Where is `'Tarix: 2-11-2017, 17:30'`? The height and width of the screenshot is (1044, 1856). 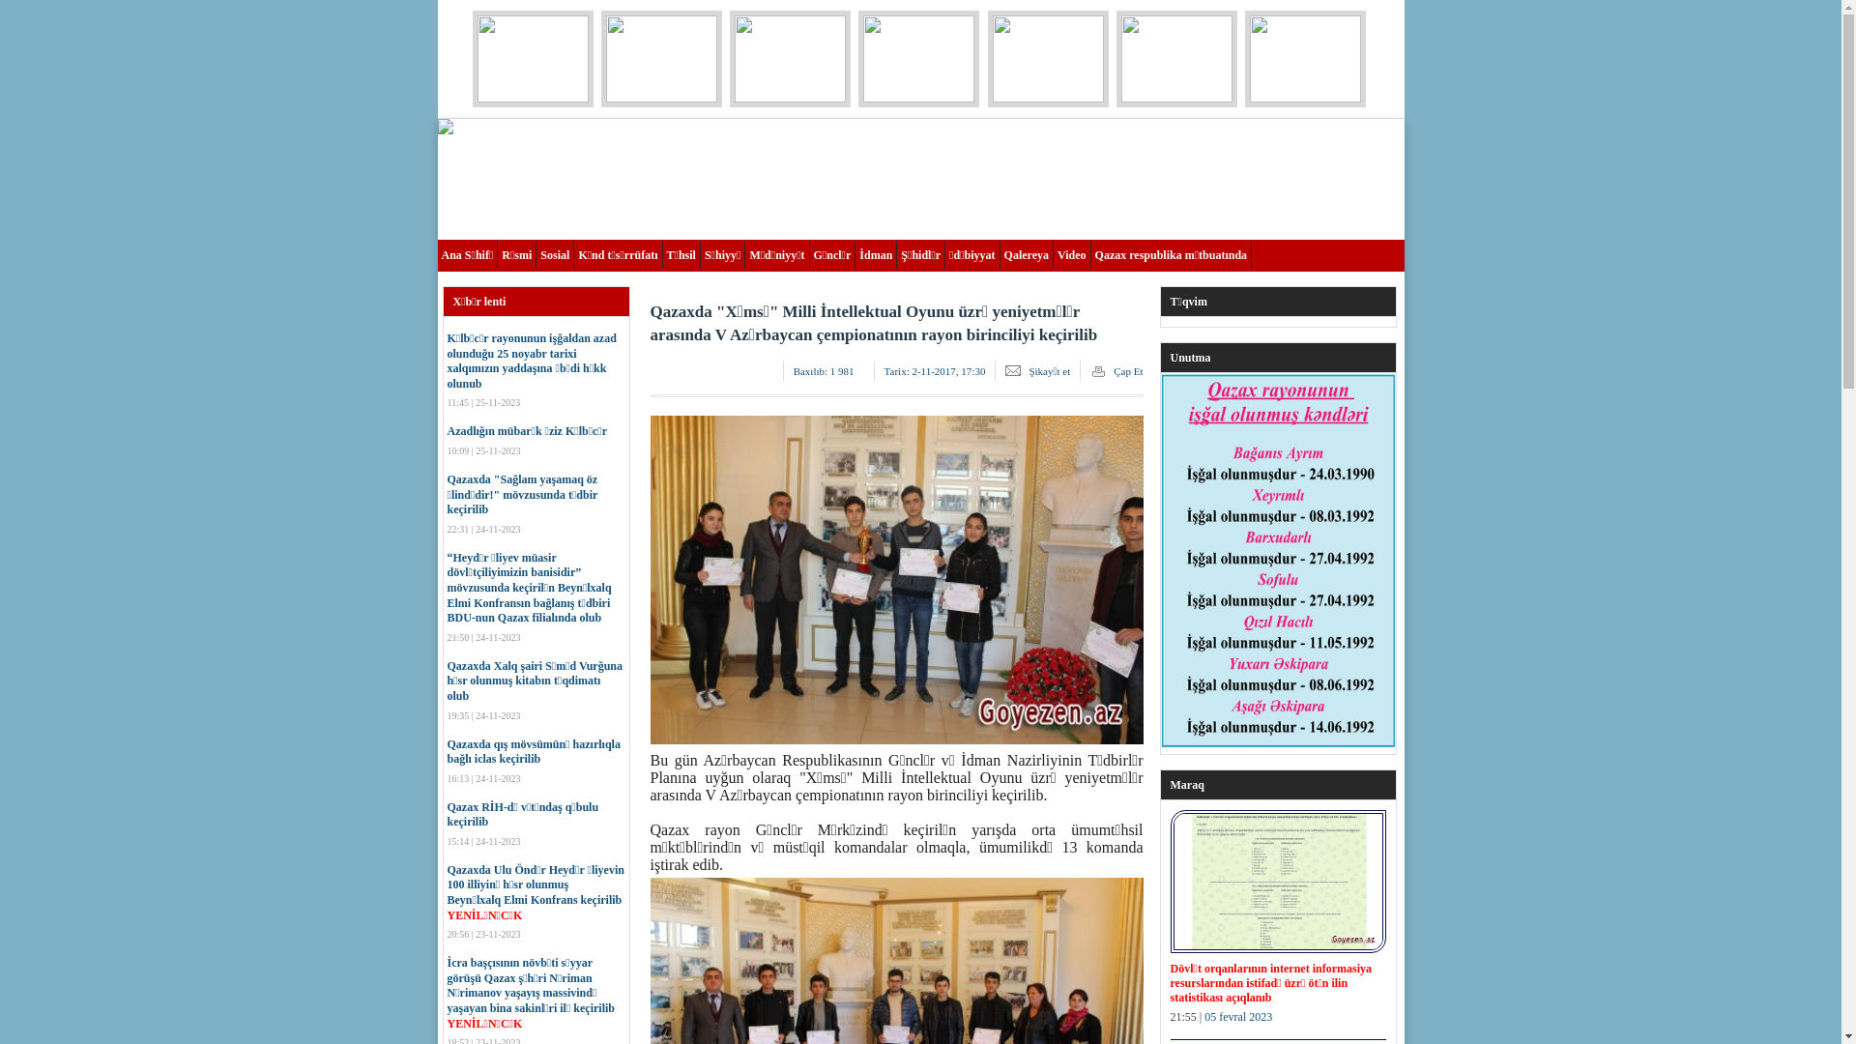
'Tarix: 2-11-2017, 17:30' is located at coordinates (935, 371).